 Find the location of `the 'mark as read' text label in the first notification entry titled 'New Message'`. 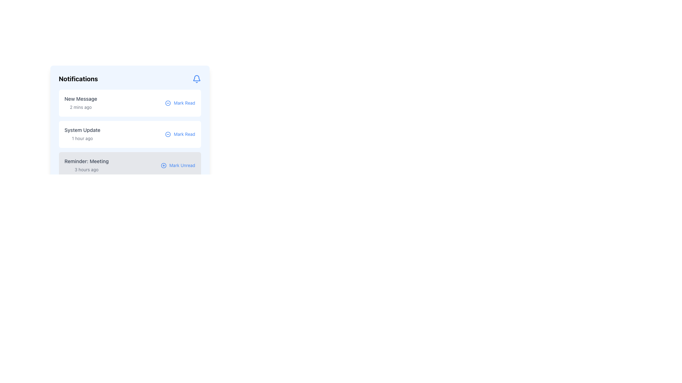

the 'mark as read' text label in the first notification entry titled 'New Message' is located at coordinates (184, 103).